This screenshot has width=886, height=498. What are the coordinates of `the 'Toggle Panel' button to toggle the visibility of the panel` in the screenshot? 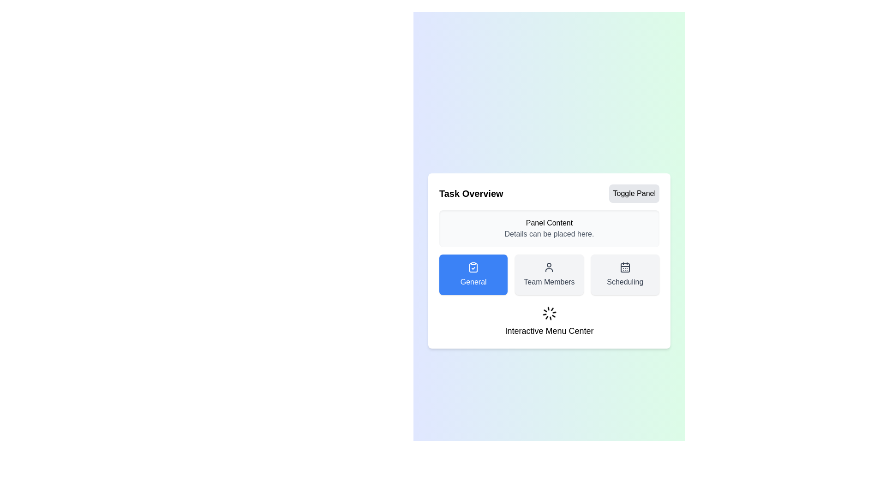 It's located at (634, 193).